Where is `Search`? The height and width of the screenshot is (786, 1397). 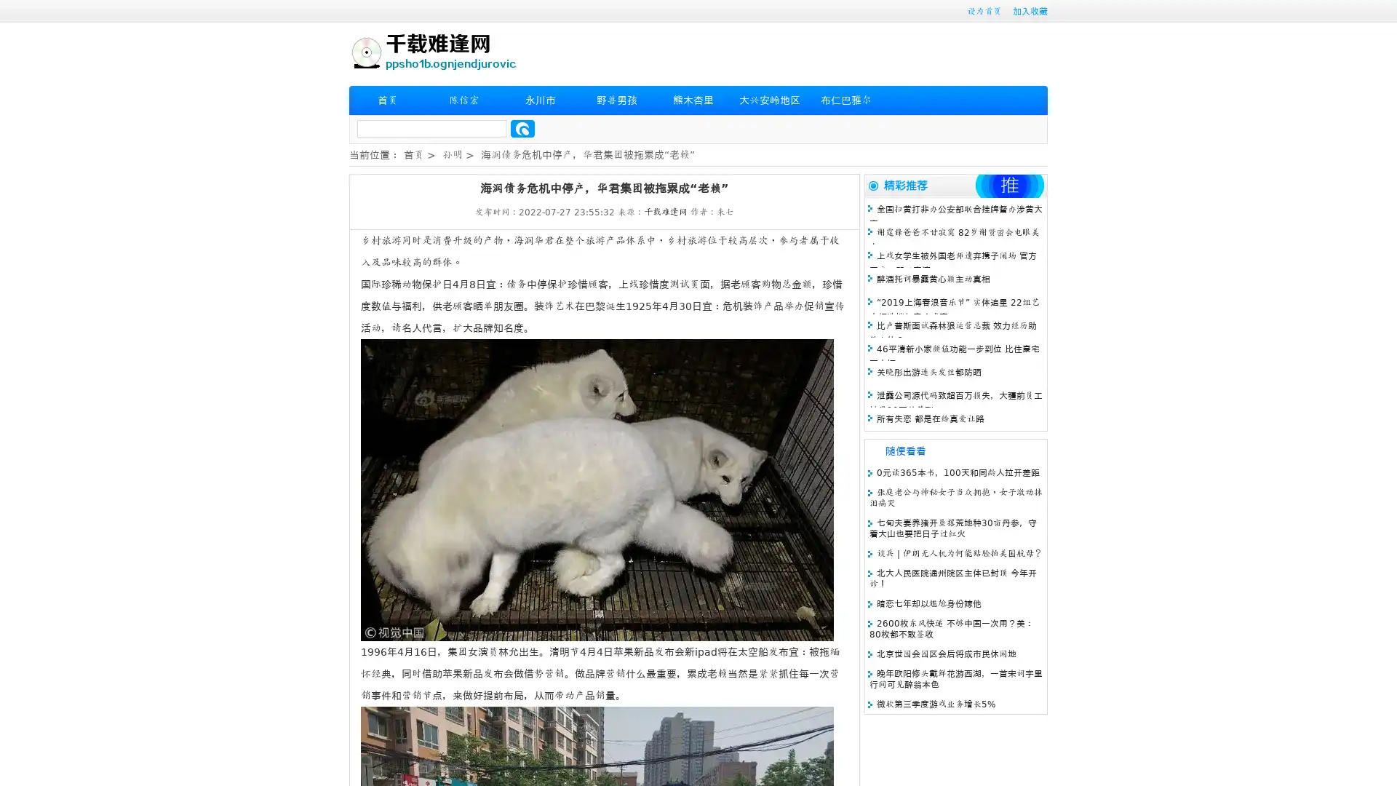 Search is located at coordinates (522, 128).